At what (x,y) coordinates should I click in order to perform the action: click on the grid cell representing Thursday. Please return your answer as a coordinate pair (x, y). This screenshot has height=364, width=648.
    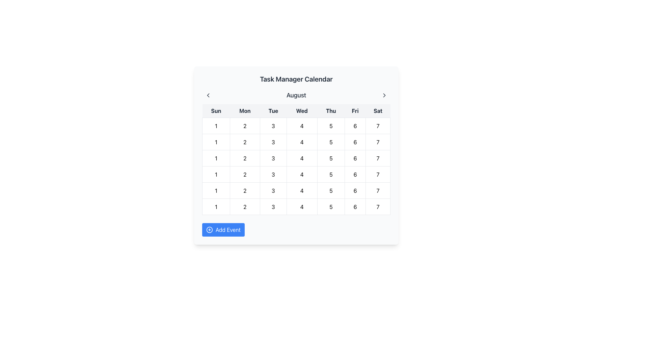
    Looking at the image, I should click on (331, 142).